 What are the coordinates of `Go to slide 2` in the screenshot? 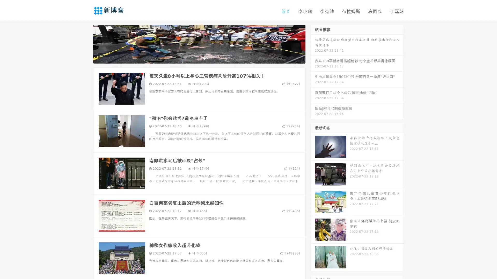 It's located at (199, 58).